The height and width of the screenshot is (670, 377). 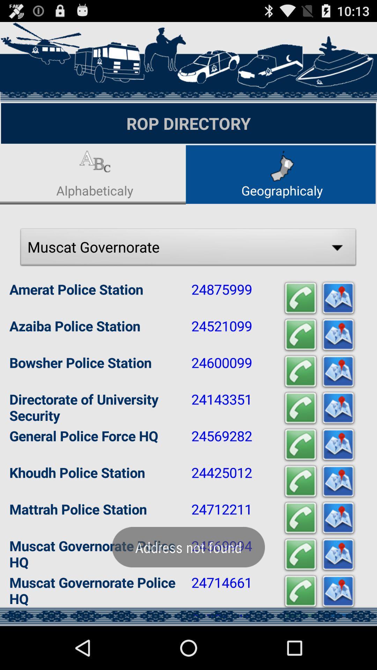 What do you see at coordinates (300, 554) in the screenshot?
I see `the call icon` at bounding box center [300, 554].